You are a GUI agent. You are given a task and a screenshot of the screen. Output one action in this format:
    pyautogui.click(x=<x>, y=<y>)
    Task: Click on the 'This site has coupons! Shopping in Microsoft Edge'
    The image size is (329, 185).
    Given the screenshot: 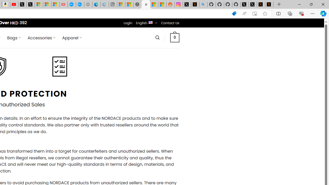 What is the action you would take?
    pyautogui.click(x=234, y=13)
    